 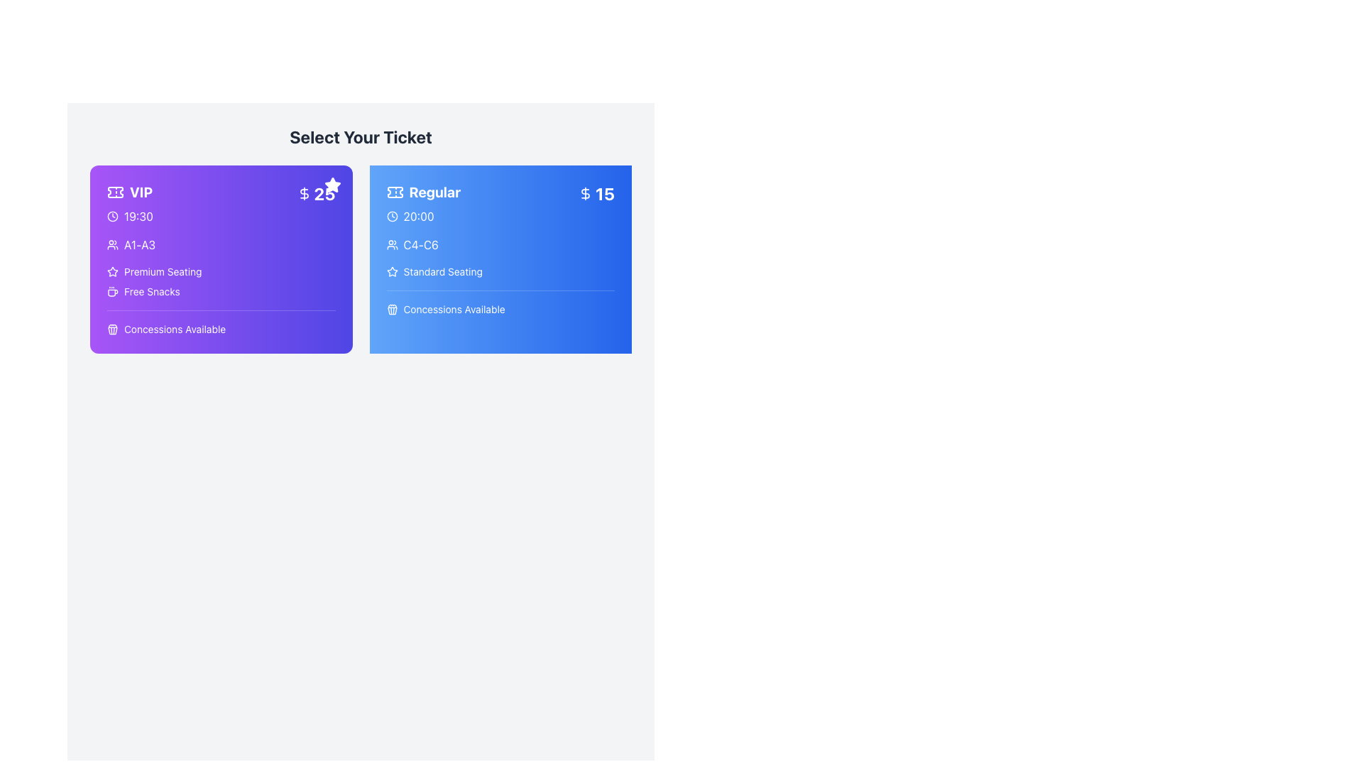 What do you see at coordinates (500, 303) in the screenshot?
I see `the label with a trash bin icon and the text 'Concessions Available' located in the lower section of the 'Regular' ticket card, below 'Standard Seating'` at bounding box center [500, 303].